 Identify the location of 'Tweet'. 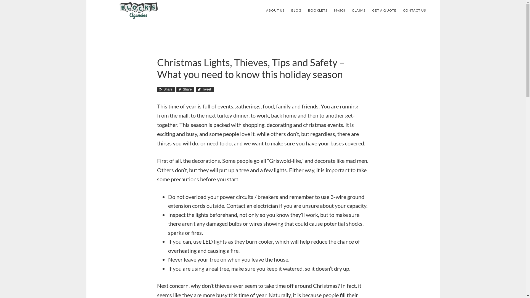
(204, 89).